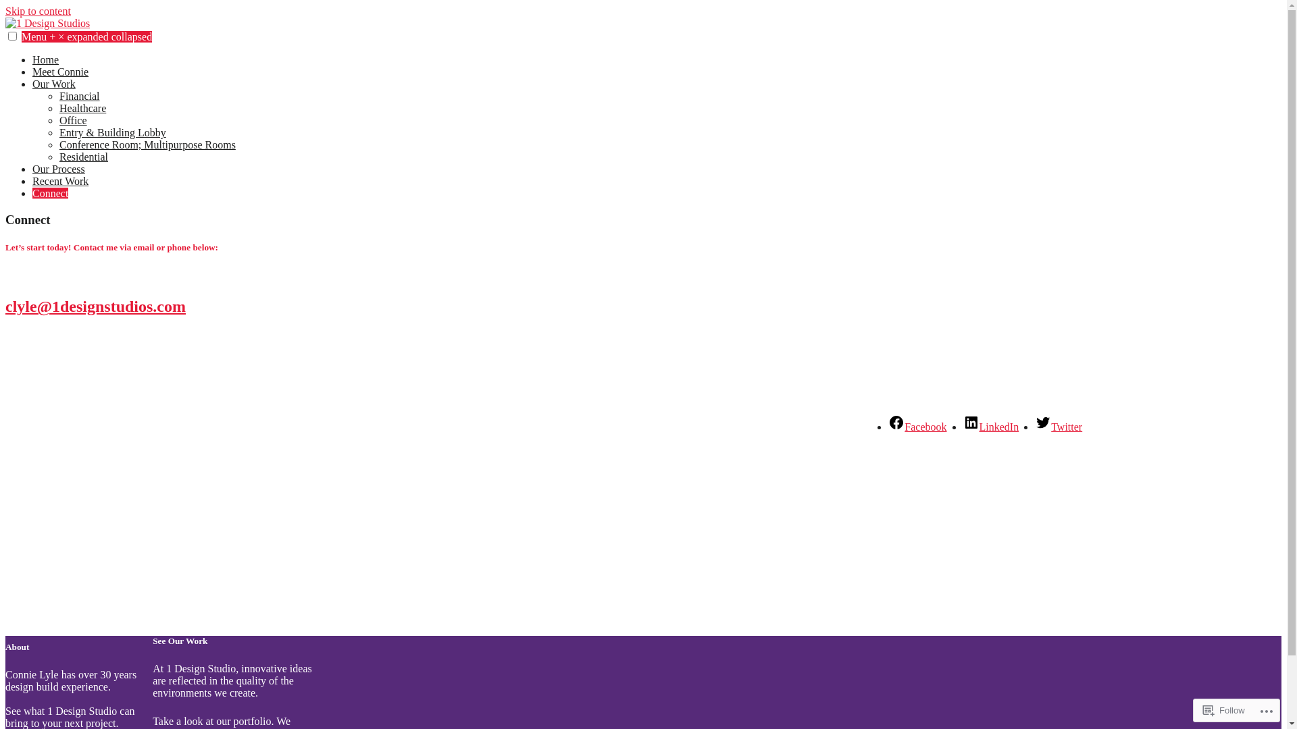  I want to click on 'Financial', so click(79, 95).